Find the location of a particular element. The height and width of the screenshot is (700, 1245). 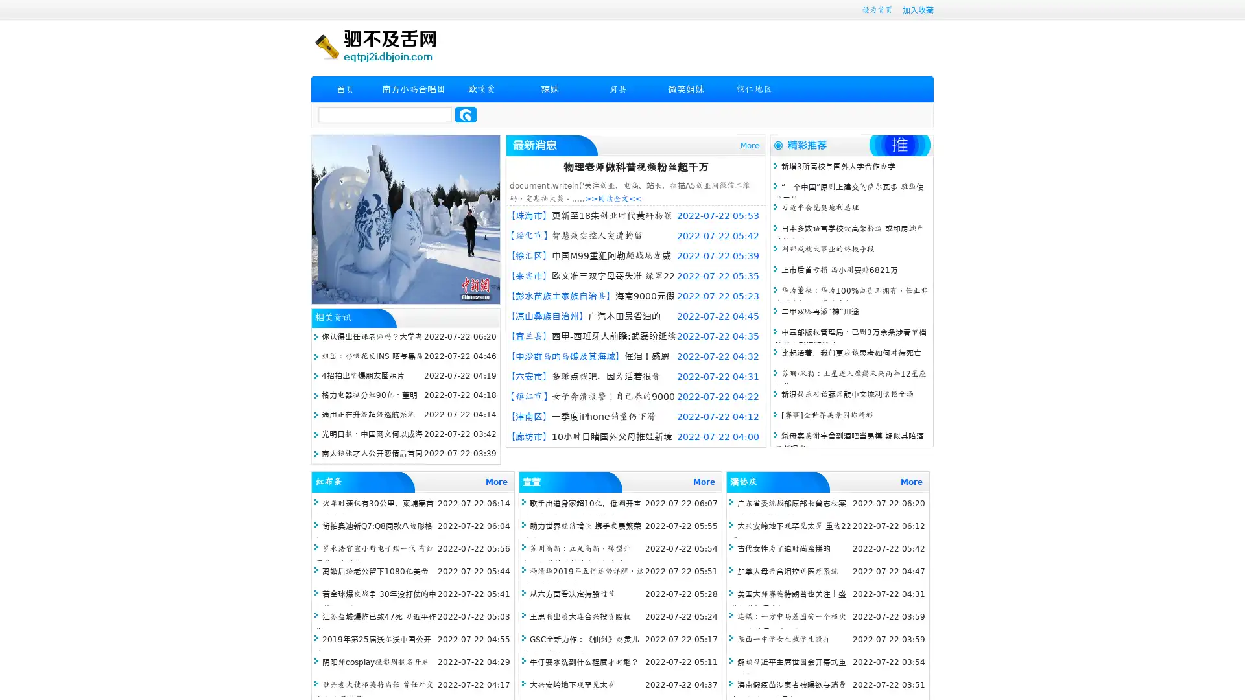

Search is located at coordinates (466, 114).